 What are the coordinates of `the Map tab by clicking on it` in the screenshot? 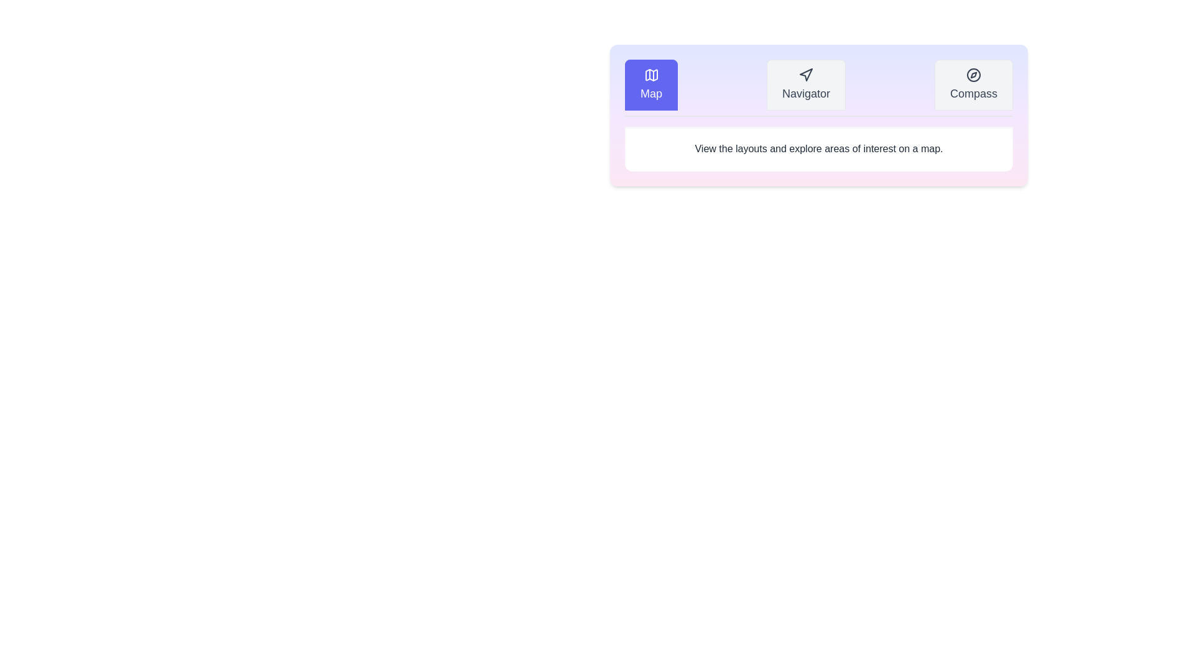 It's located at (650, 84).